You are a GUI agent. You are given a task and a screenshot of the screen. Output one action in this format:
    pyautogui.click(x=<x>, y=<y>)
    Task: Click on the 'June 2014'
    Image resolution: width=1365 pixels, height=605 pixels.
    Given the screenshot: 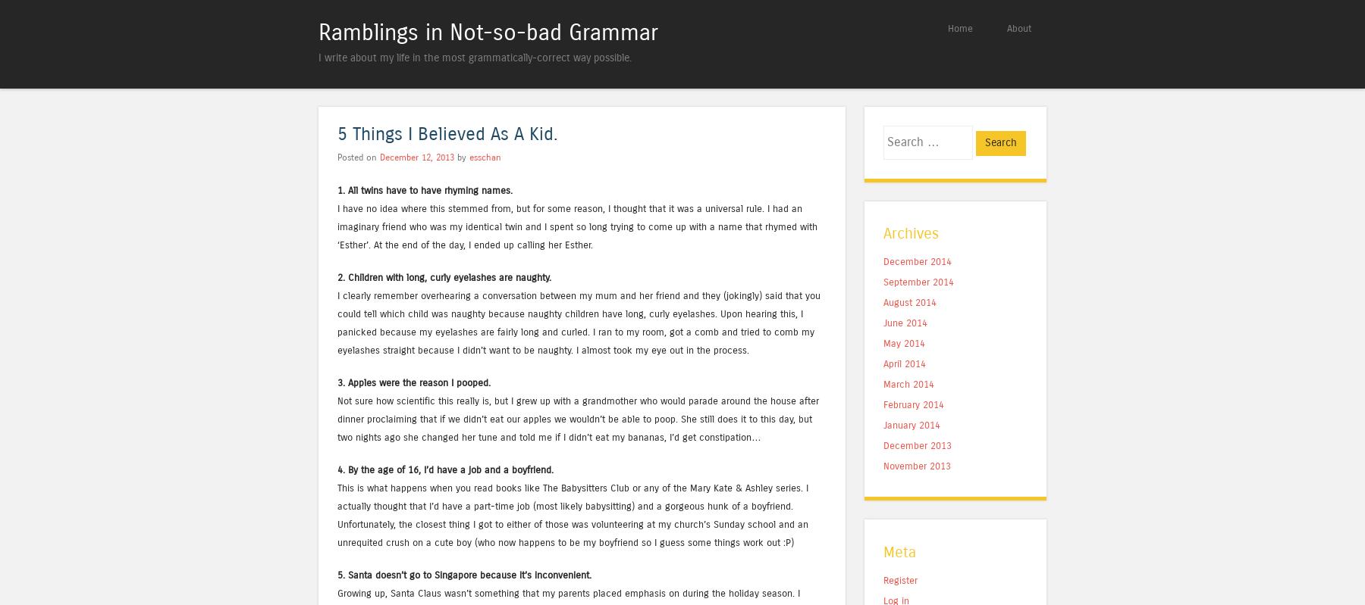 What is the action you would take?
    pyautogui.click(x=904, y=322)
    